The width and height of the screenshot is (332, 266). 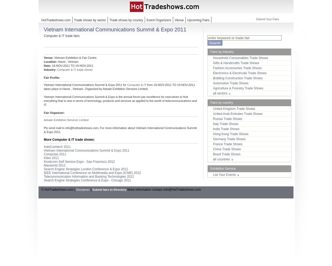 What do you see at coordinates (50, 70) in the screenshot?
I see `'Industry:'` at bounding box center [50, 70].